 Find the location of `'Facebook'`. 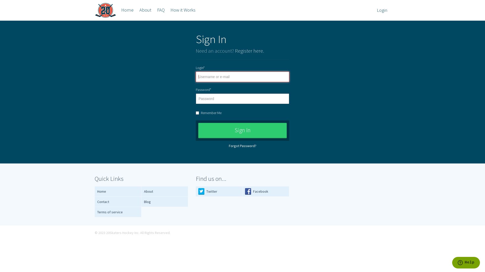

'Facebook' is located at coordinates (265, 191).